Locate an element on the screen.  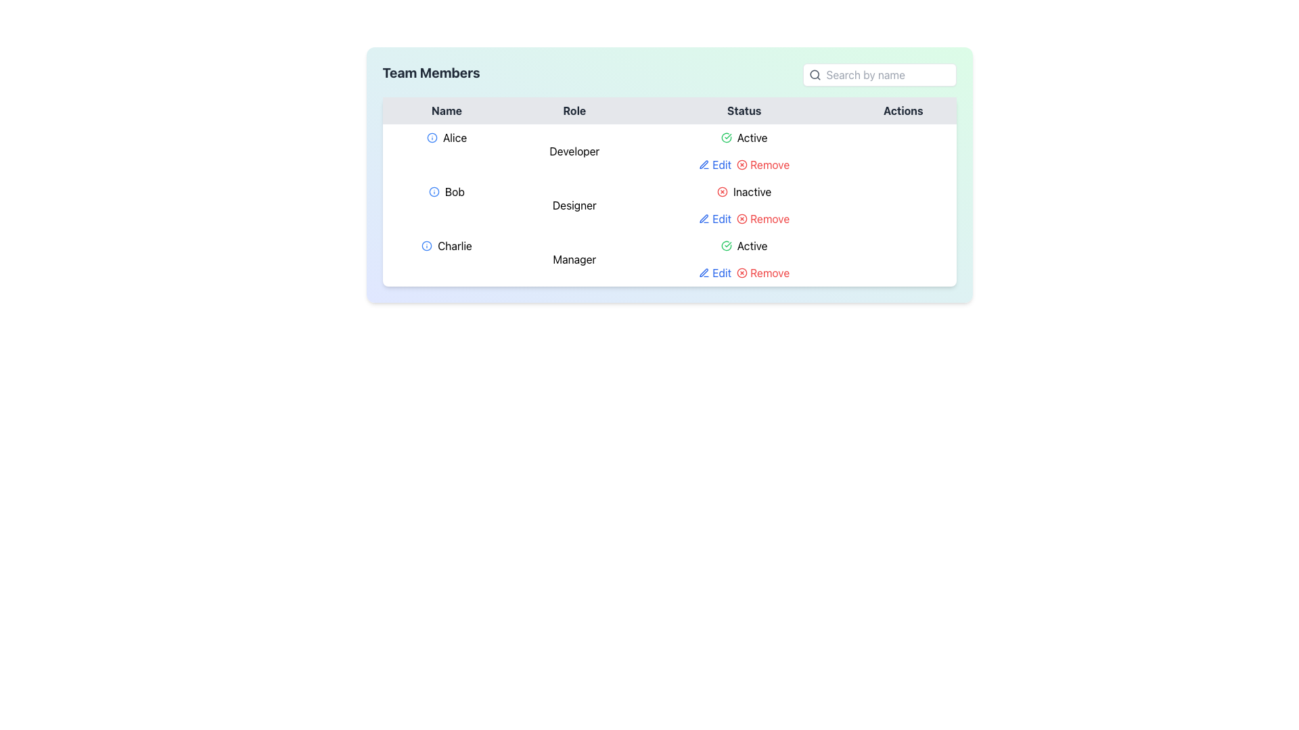
the 'Edit' button in the 'Actions' column of the table row for user 'Alice' is located at coordinates (714, 164).